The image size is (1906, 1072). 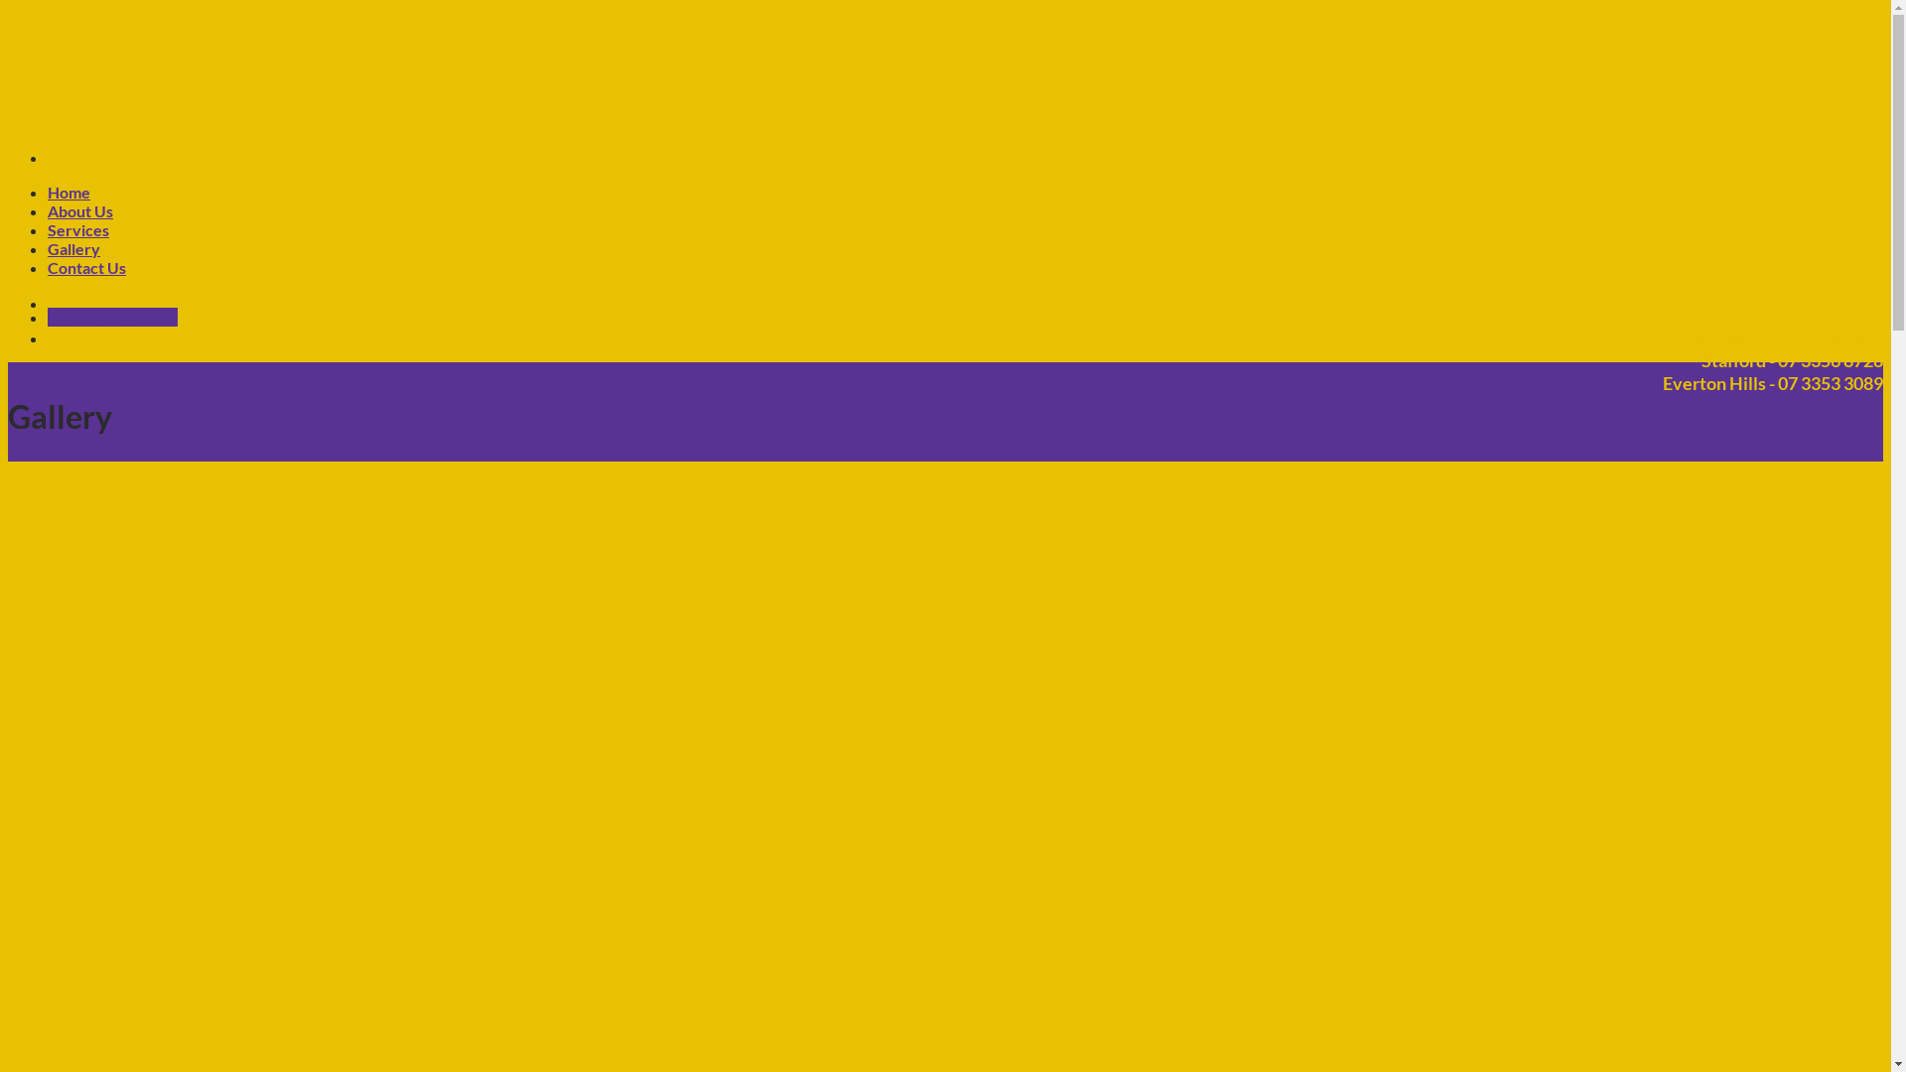 What do you see at coordinates (48, 247) in the screenshot?
I see `'Gallery'` at bounding box center [48, 247].